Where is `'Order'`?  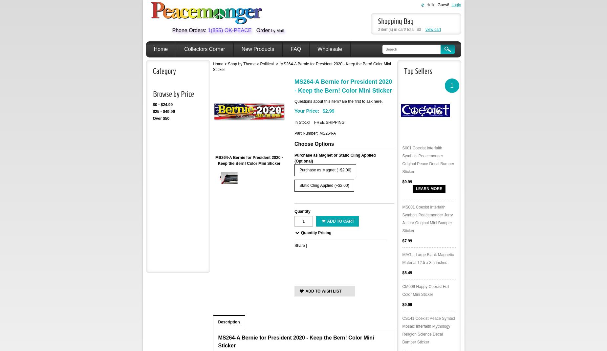
'Order' is located at coordinates (262, 30).